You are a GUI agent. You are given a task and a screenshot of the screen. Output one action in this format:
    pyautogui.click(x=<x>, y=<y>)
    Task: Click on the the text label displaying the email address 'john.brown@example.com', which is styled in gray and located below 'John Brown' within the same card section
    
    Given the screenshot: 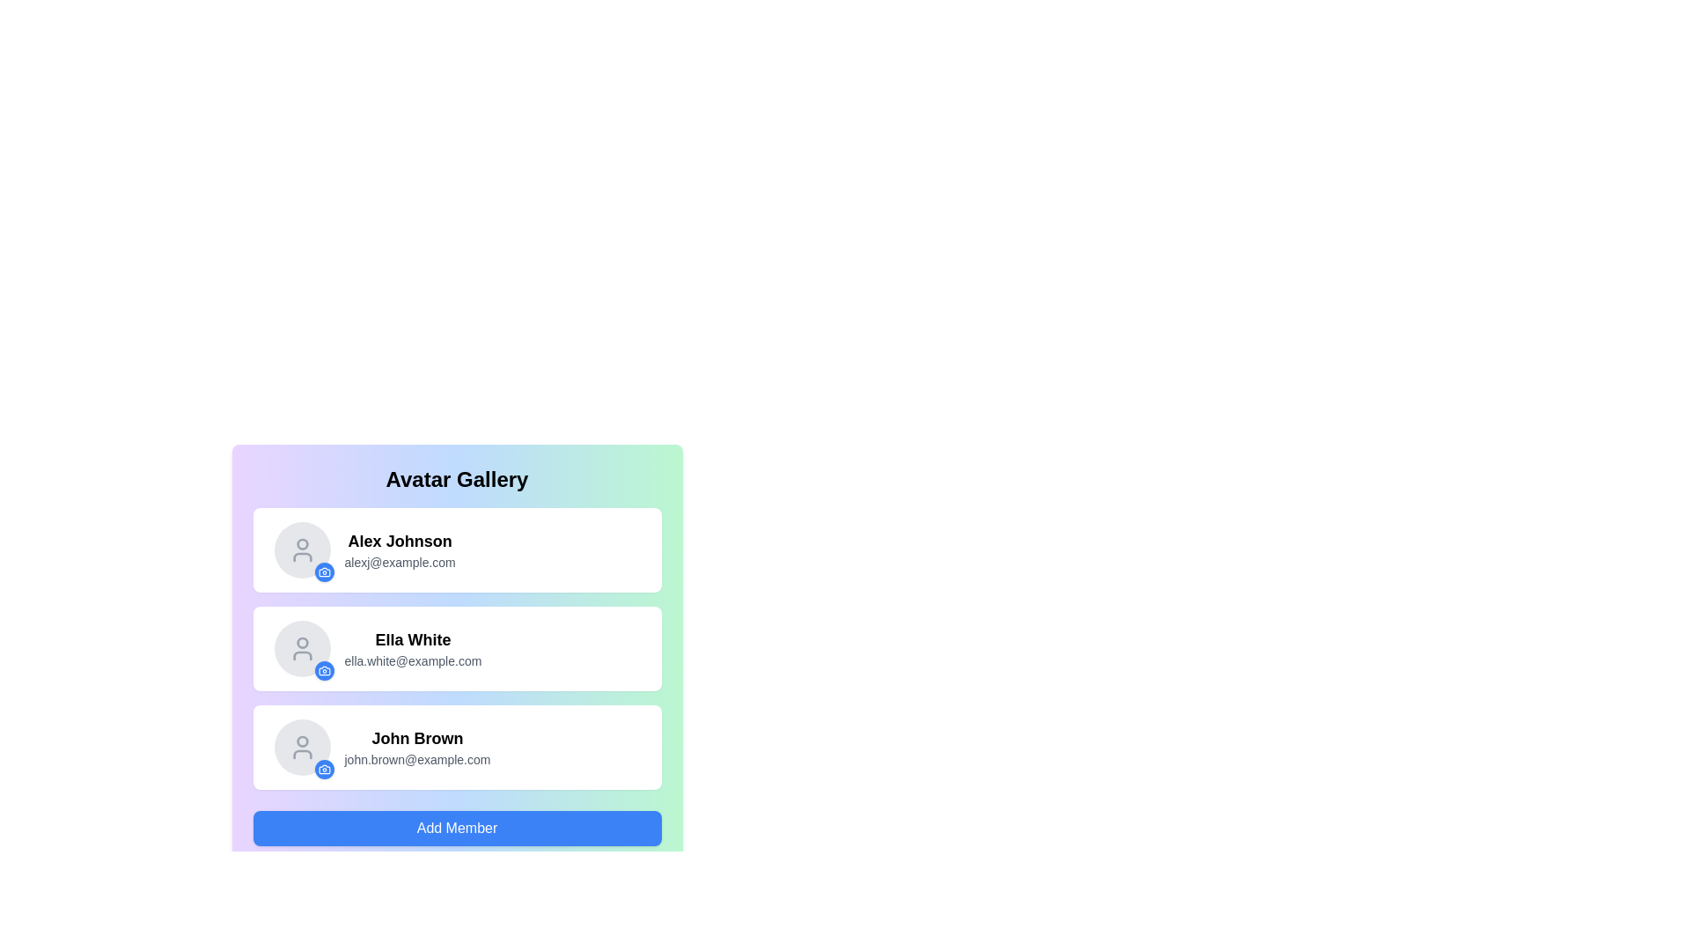 What is the action you would take?
    pyautogui.click(x=416, y=759)
    